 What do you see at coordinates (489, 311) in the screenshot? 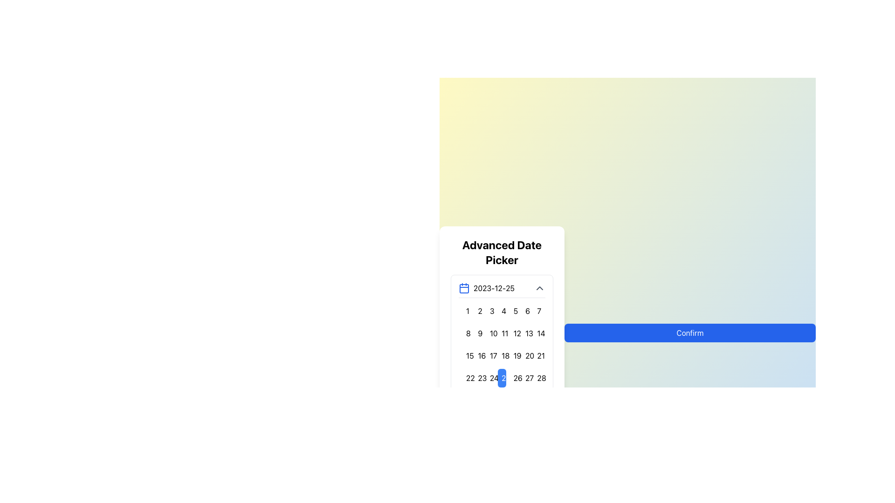
I see `the interactive button displaying the number '3' in the calendar grid below the 'Advanced Date Picker' heading` at bounding box center [489, 311].